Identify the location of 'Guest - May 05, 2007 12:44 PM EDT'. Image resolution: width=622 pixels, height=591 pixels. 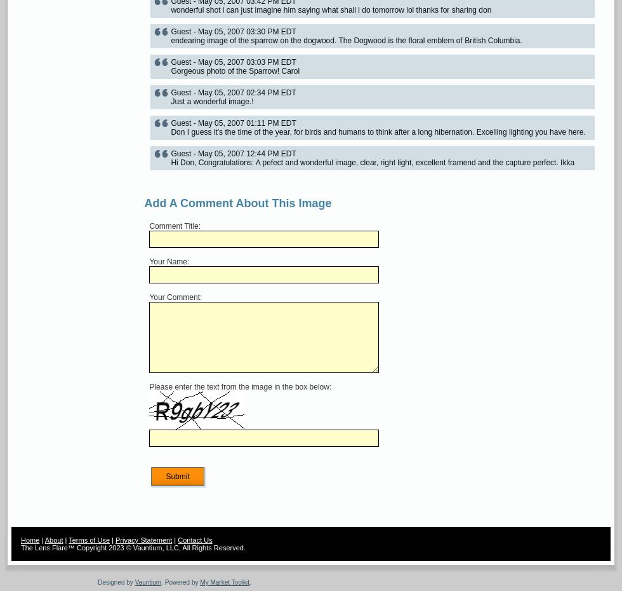
(233, 153).